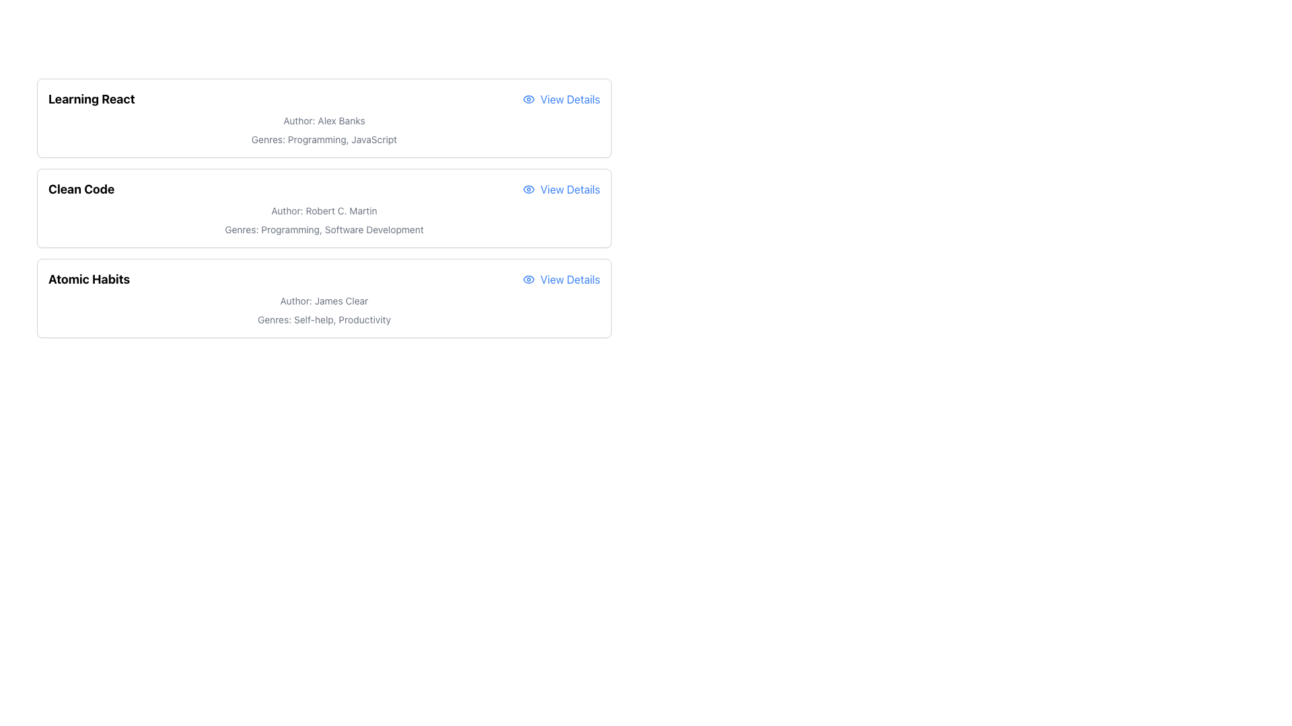 The image size is (1292, 726). Describe the element at coordinates (561, 279) in the screenshot. I see `the hyperlink icon for 'Atomic Habits'` at that location.